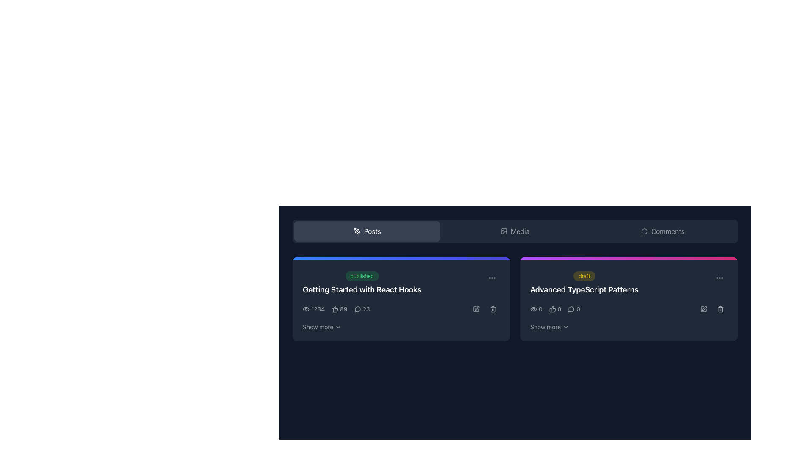  What do you see at coordinates (540, 309) in the screenshot?
I see `text label displaying the number '0', which is part of a views count component located near an eye icon` at bounding box center [540, 309].